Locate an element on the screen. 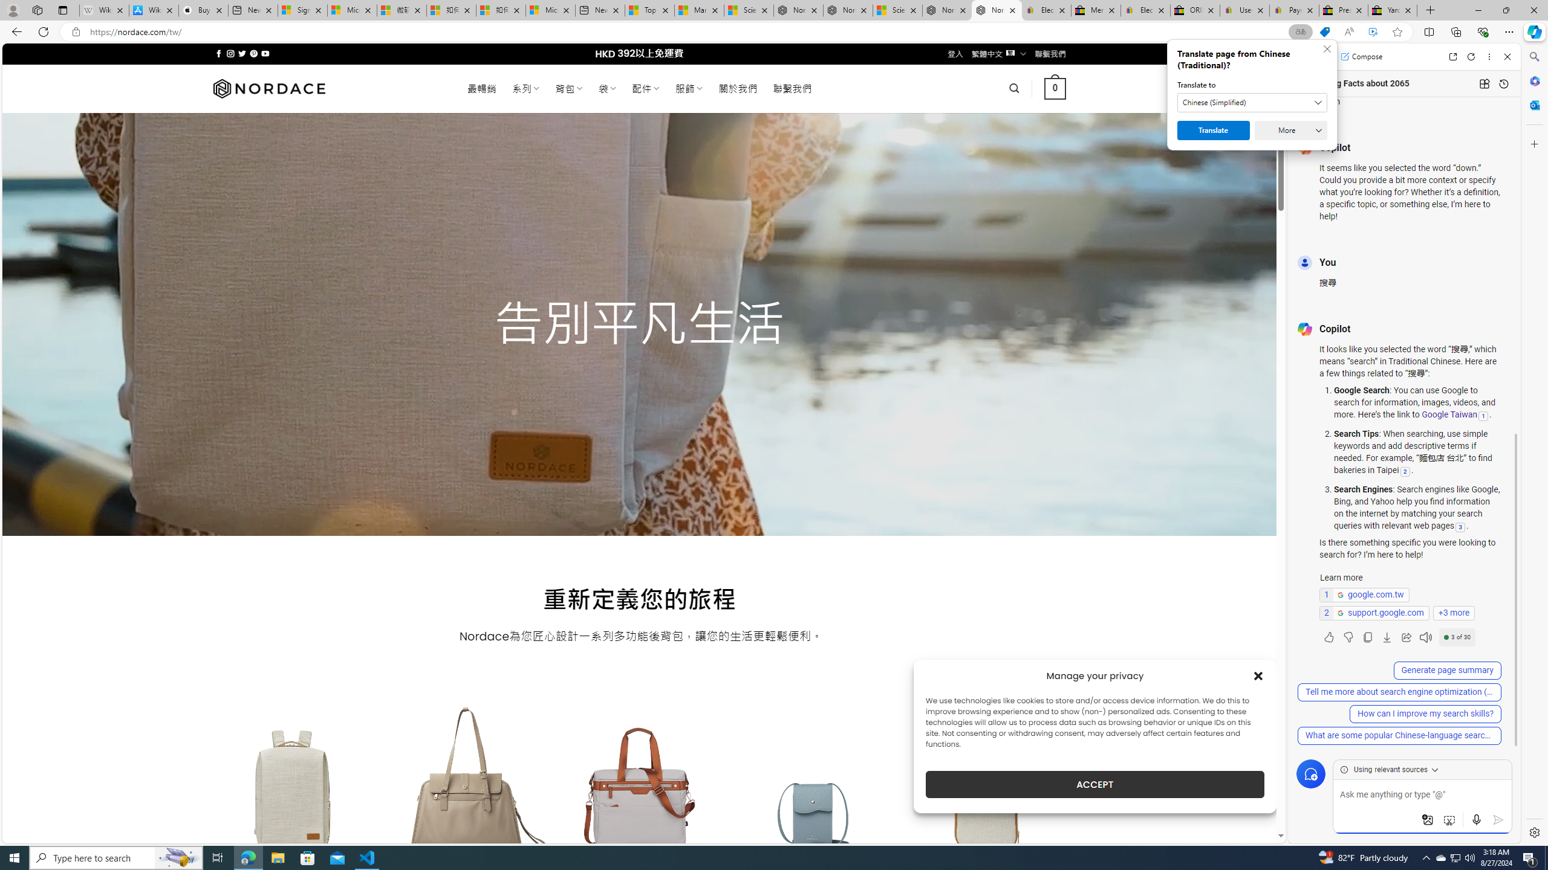 This screenshot has width=1548, height=870. 'Nordace - Summer Adventures 2024' is located at coordinates (946, 10).